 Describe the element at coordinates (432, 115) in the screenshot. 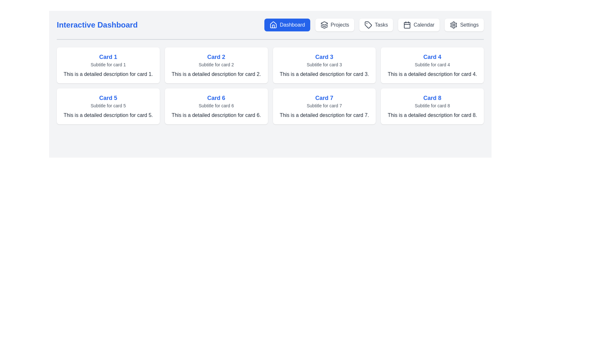

I see `the text label that provides detailed information about 'Card 8', positioned beneath 'Subtitle for card 8' in the second row, fourth column of the grid layout` at that location.